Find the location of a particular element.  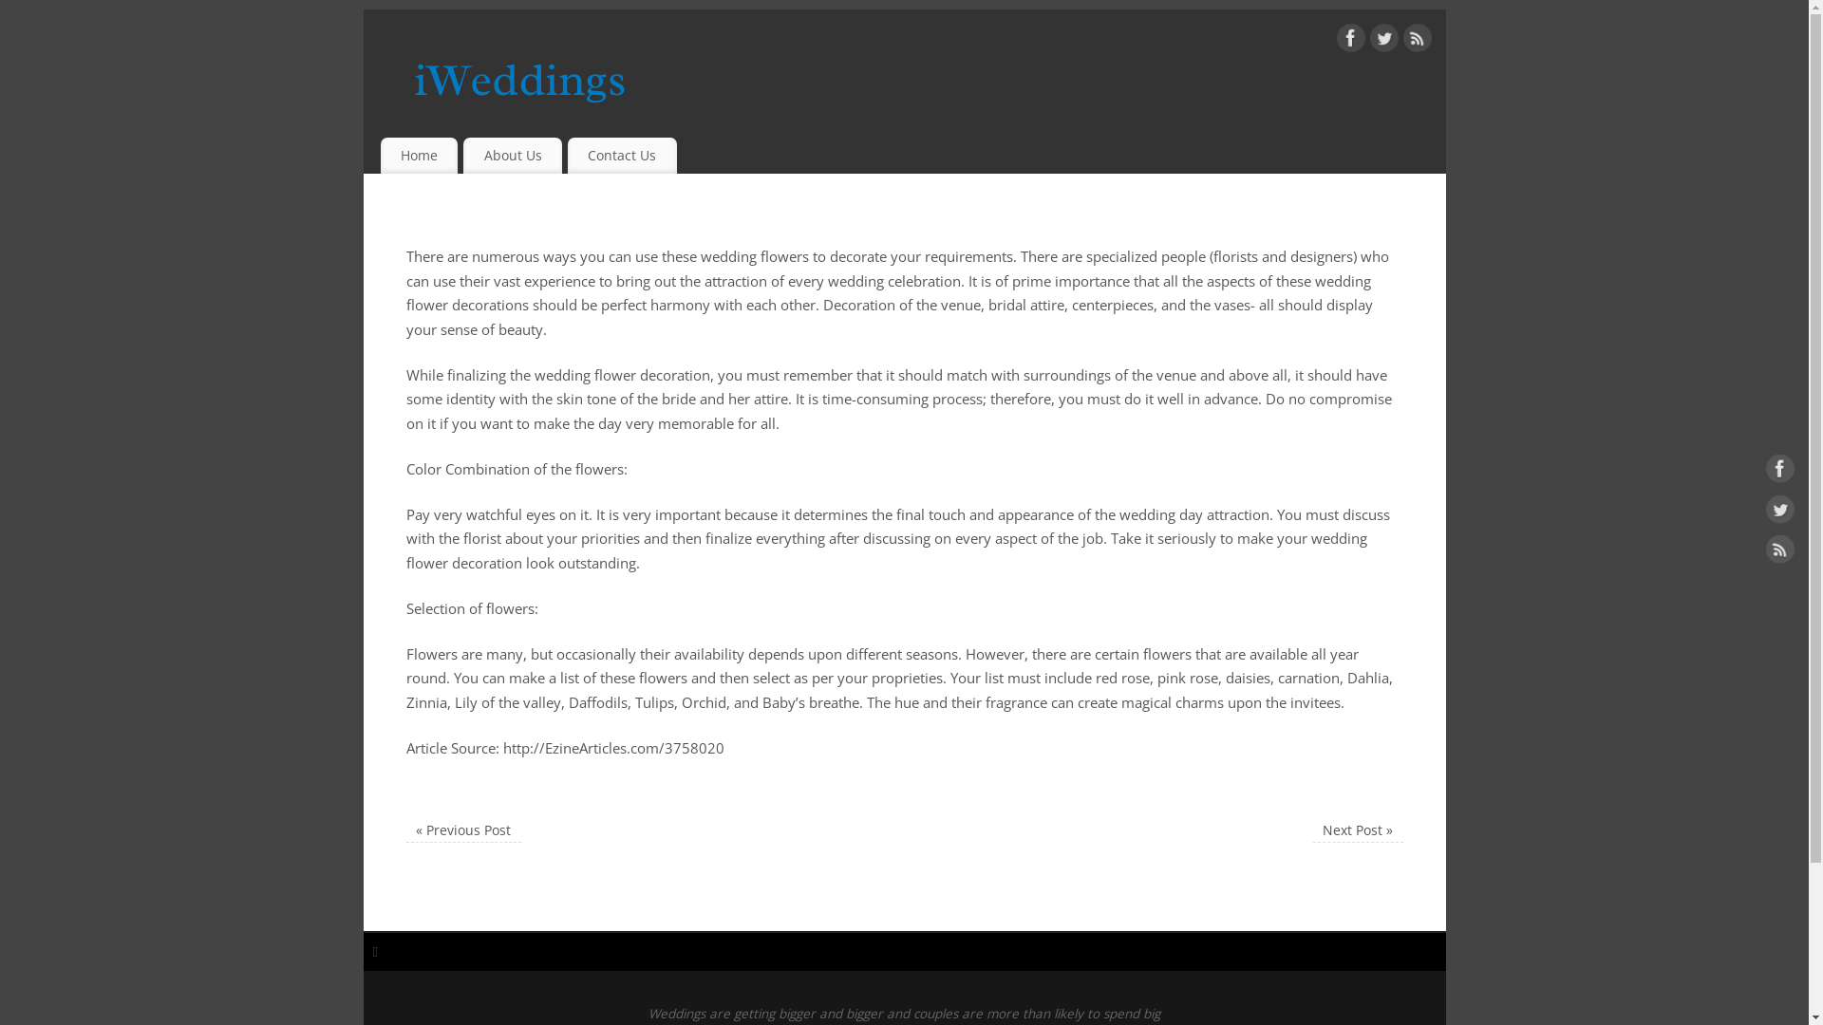

'RSS' is located at coordinates (1779, 552).